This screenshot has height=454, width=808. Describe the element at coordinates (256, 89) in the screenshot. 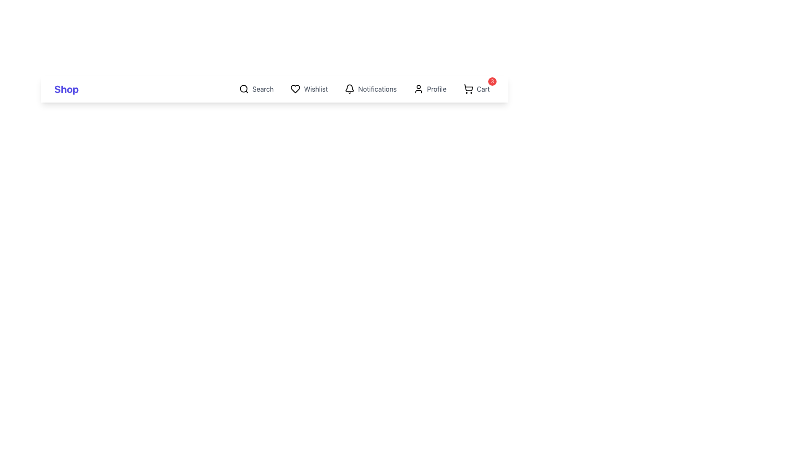

I see `the search button, which features a magnifying glass icon and the text 'Search'` at that location.